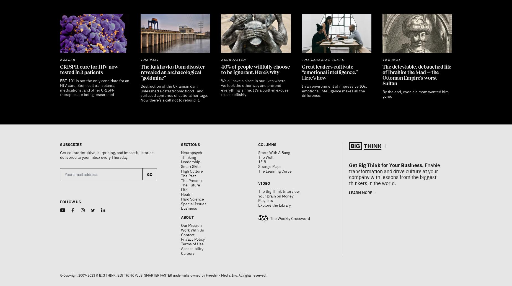 Image resolution: width=512 pixels, height=286 pixels. Describe the element at coordinates (267, 130) in the screenshot. I see `'Columns'` at that location.